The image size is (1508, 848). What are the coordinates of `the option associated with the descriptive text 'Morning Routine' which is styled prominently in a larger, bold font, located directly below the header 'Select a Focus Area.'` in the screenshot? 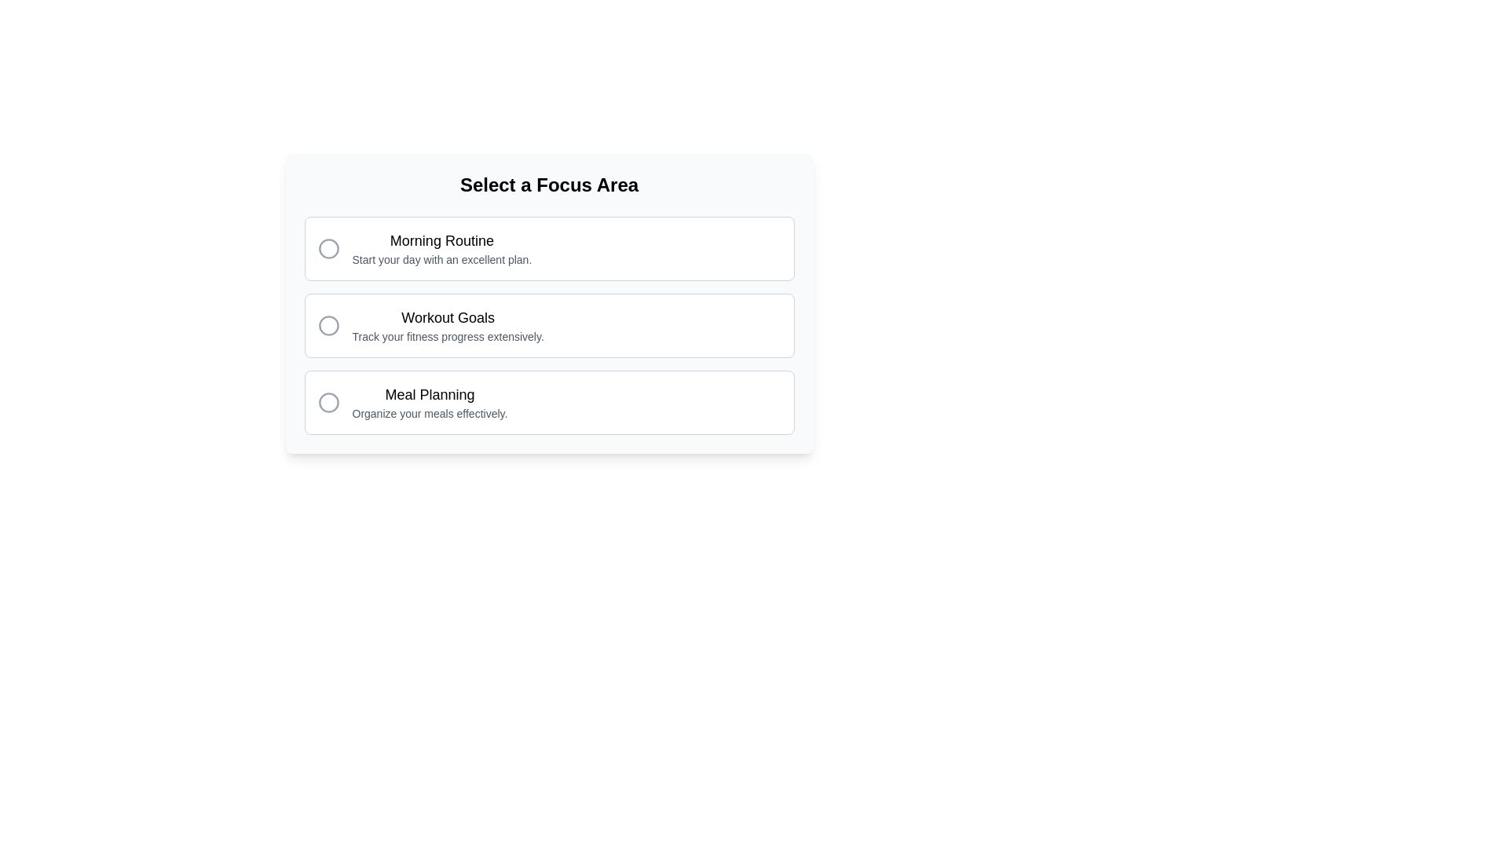 It's located at (441, 247).